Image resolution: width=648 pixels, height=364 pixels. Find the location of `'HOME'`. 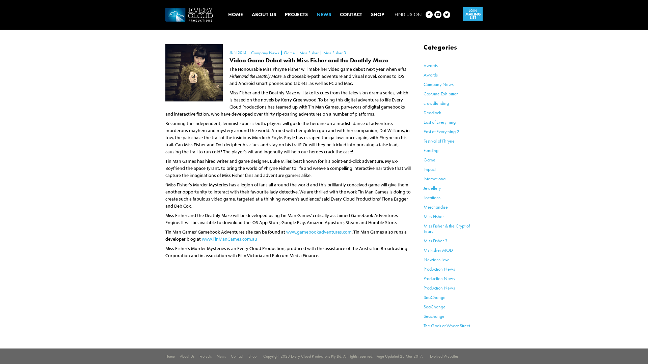

'HOME' is located at coordinates (235, 14).